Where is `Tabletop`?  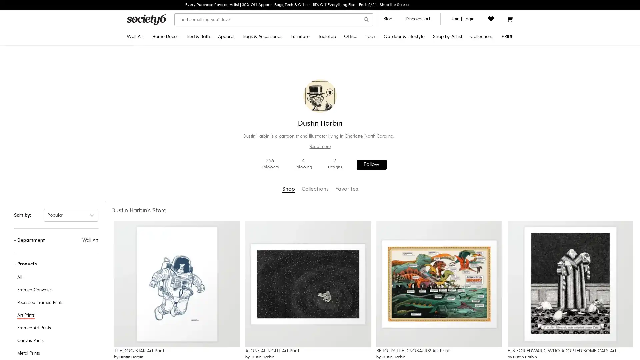
Tabletop is located at coordinates (326, 37).